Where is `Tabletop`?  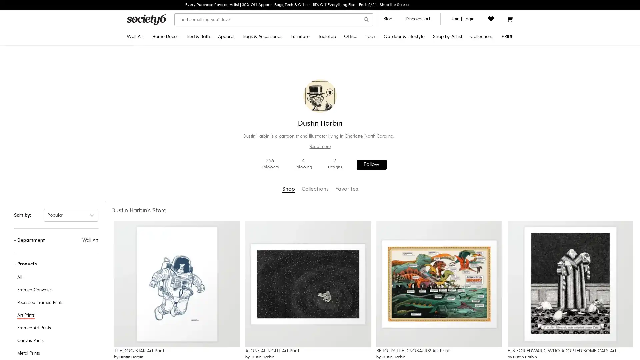
Tabletop is located at coordinates (326, 37).